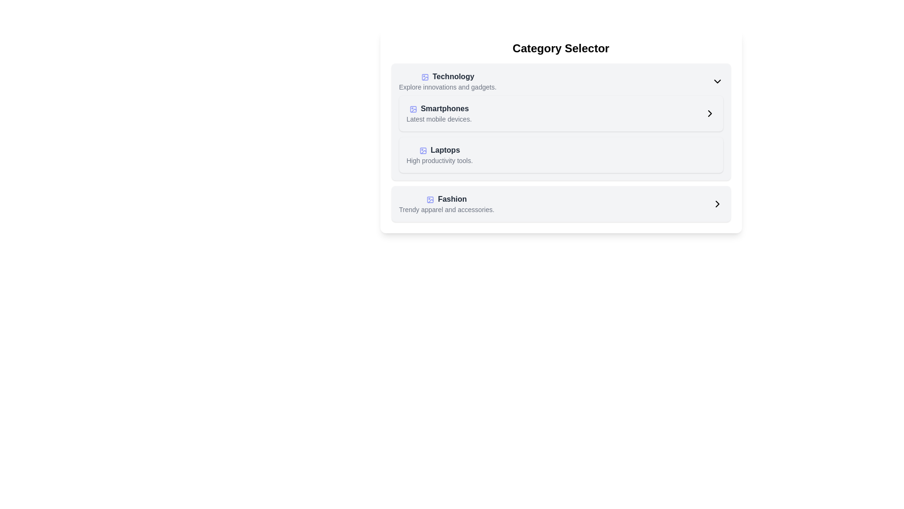 This screenshot has width=904, height=509. Describe the element at coordinates (438, 113) in the screenshot. I see `the 'Smartphones' category selector item, which features bold text and an icon to the left` at that location.